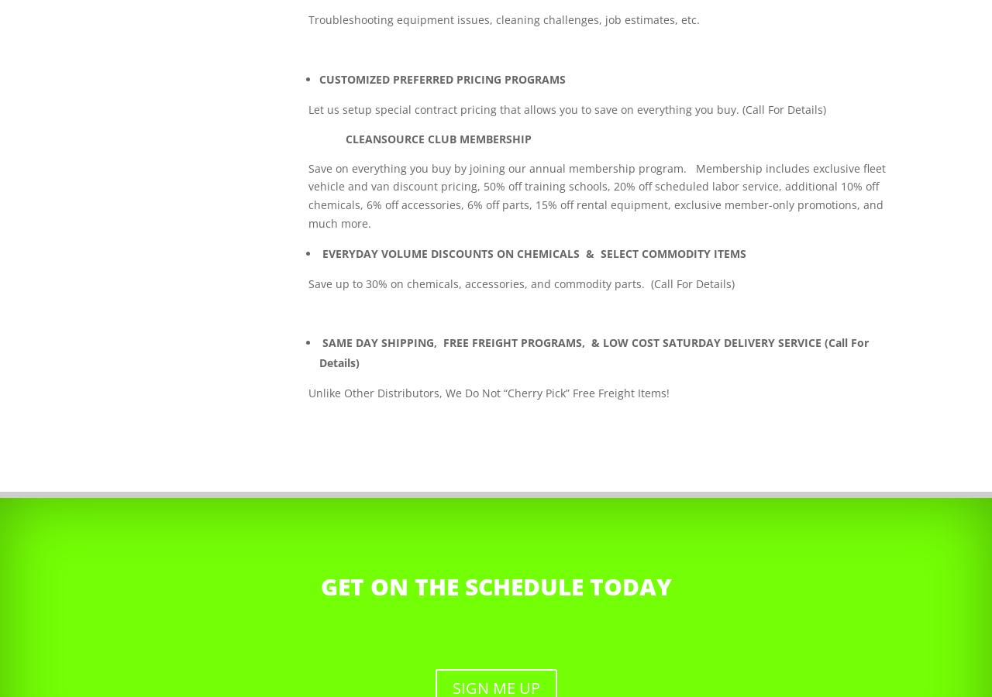  Describe the element at coordinates (488, 392) in the screenshot. I see `'Unlike Other Distributors, We Do Not “Cherry Pick” Free Freight Items!'` at that location.